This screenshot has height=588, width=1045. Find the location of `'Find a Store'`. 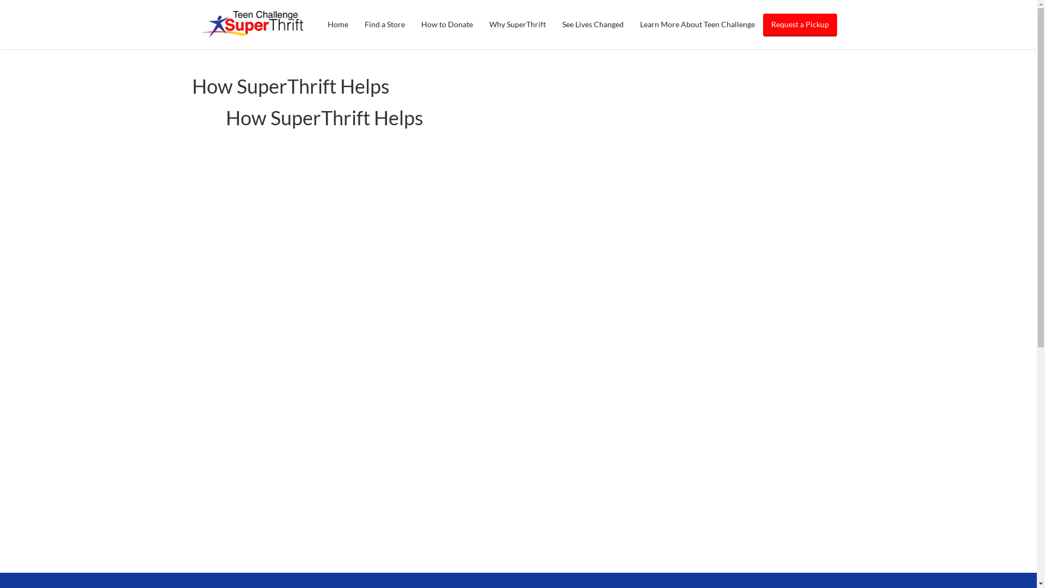

'Find a Store' is located at coordinates (355, 24).